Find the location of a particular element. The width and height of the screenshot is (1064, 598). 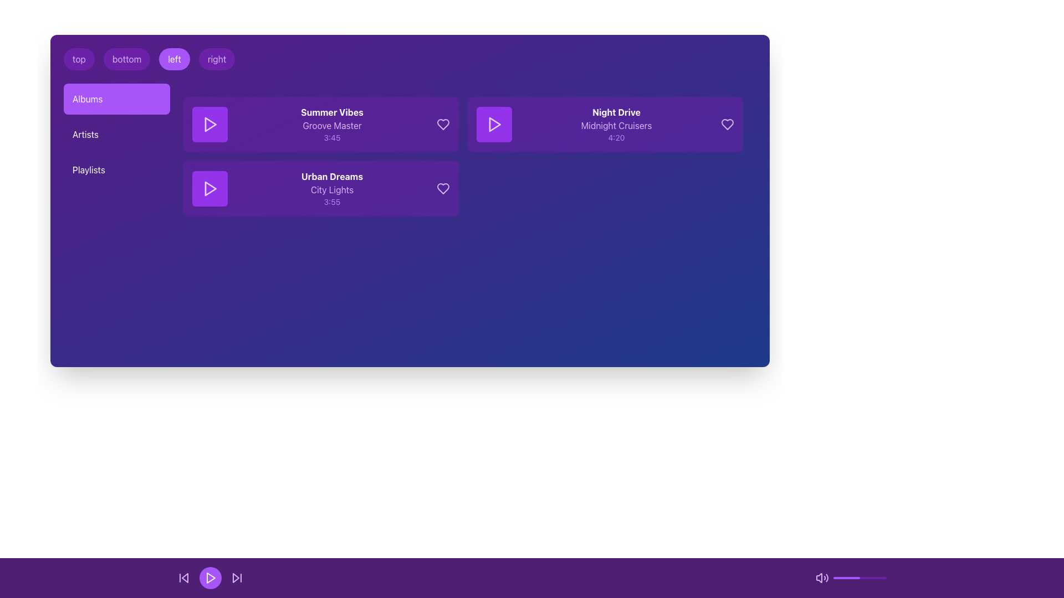

the play/pause button in the media player interface using keyboard navigation is located at coordinates (210, 578).